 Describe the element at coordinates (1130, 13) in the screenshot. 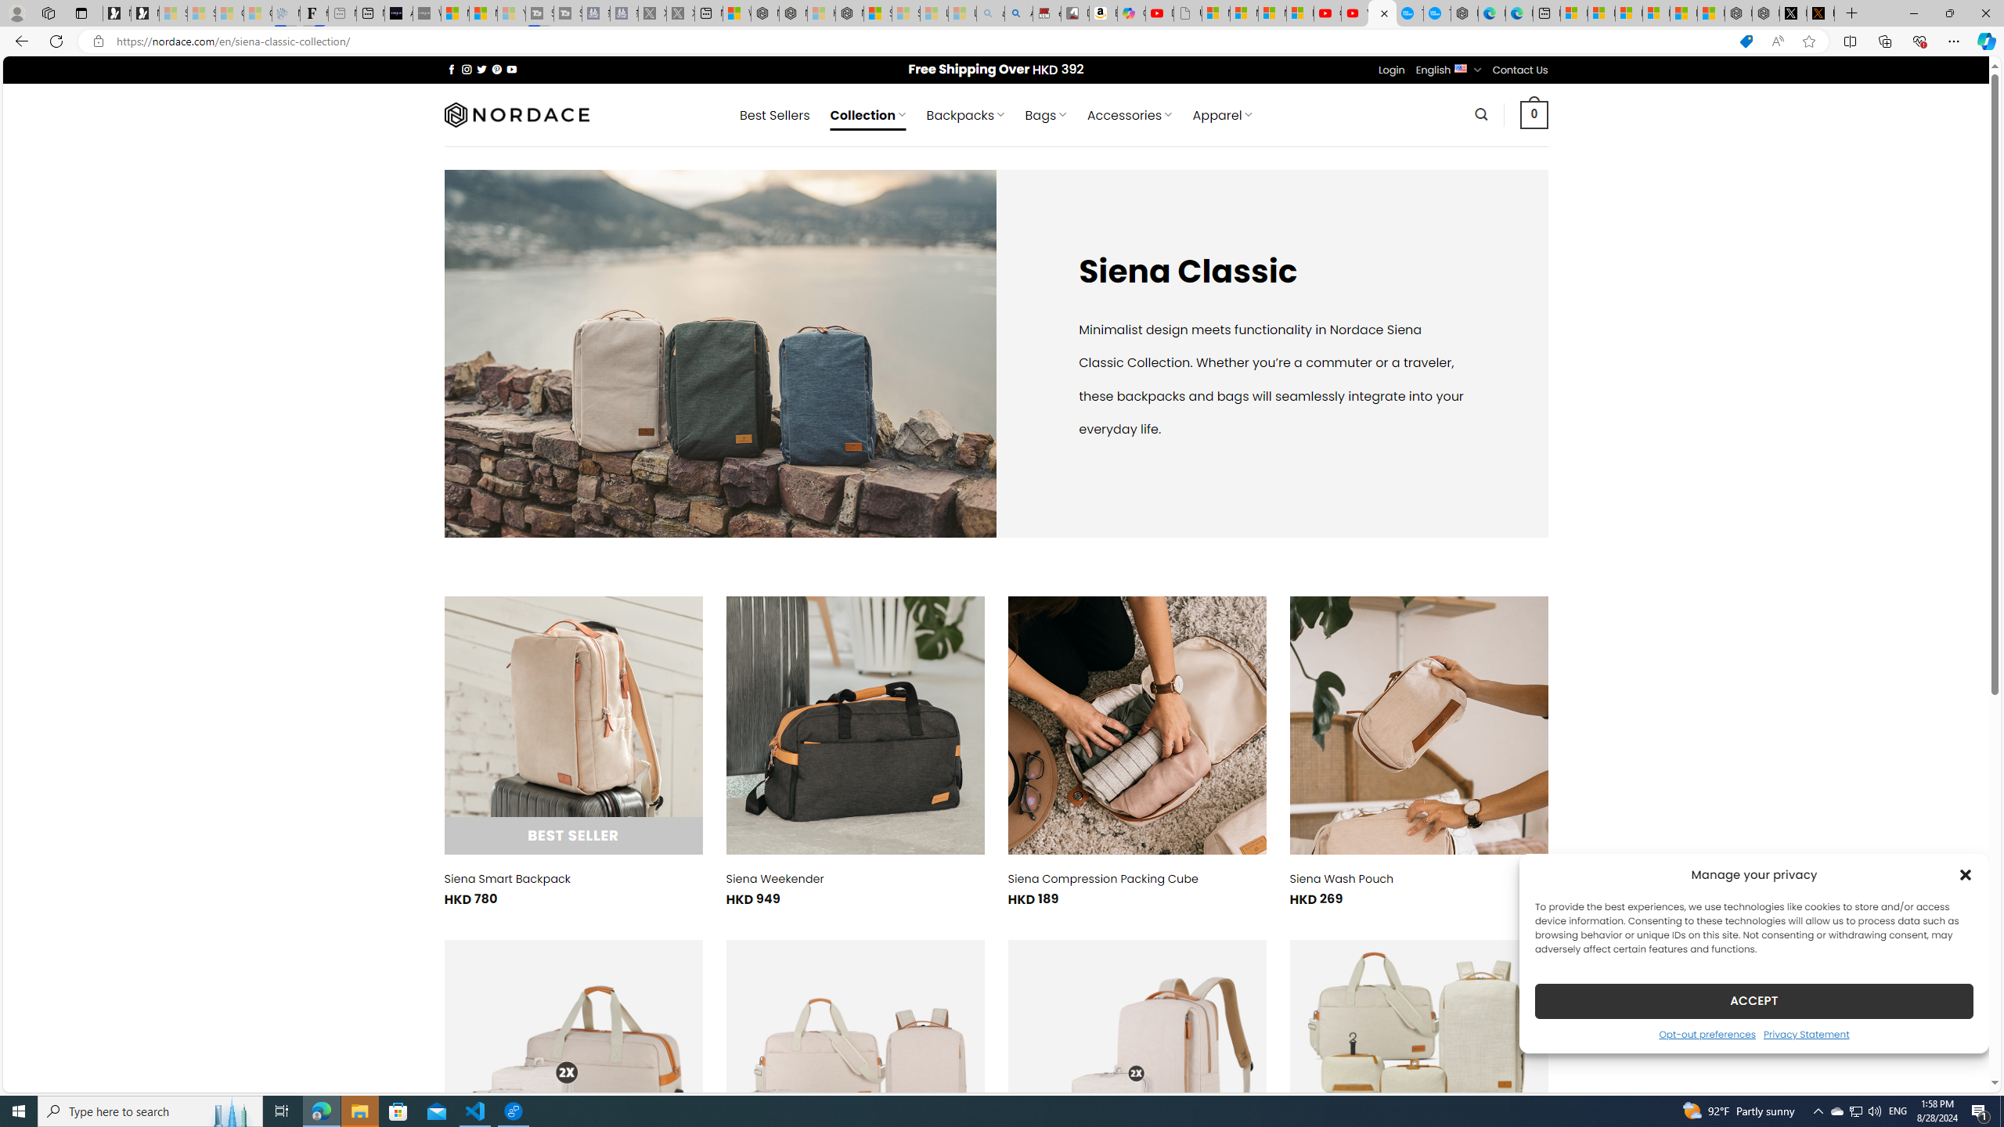

I see `'Copilot'` at that location.